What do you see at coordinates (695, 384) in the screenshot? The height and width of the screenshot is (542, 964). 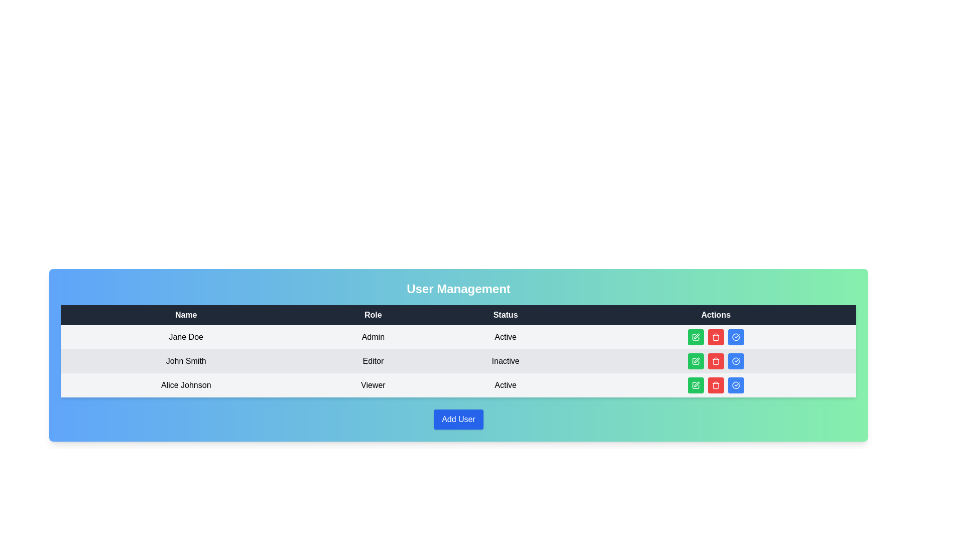 I see `the small square green button with a white pen icon located in the 'Actions' column of the User Management table, corresponding to 'Alice Johnson'` at bounding box center [695, 384].